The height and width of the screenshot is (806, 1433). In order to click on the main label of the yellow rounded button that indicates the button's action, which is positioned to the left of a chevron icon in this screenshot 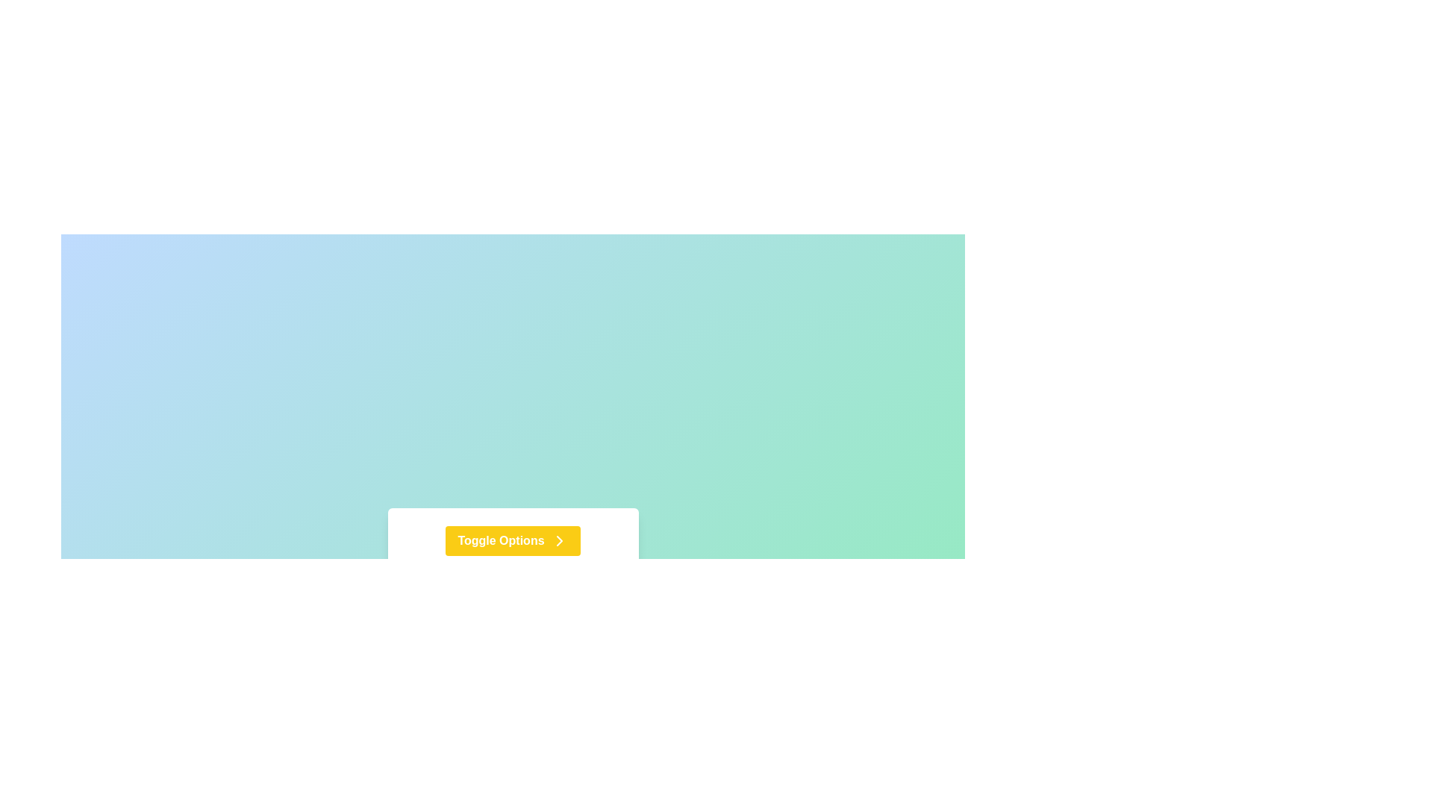, I will do `click(501, 541)`.